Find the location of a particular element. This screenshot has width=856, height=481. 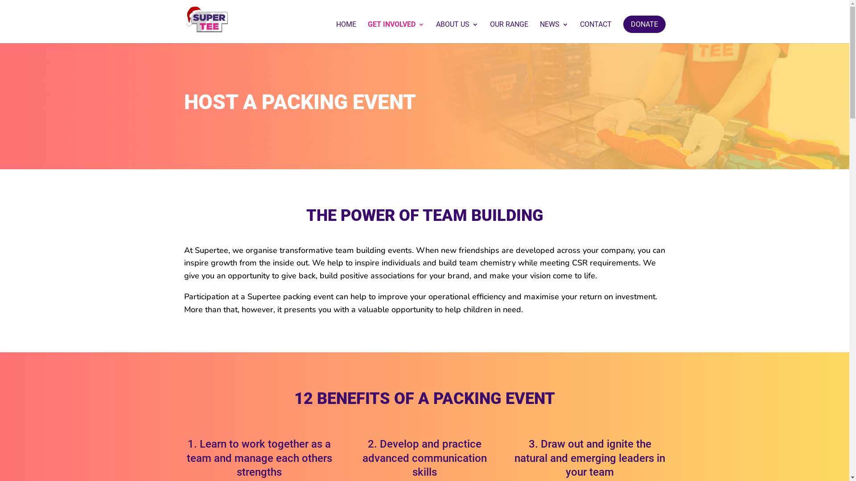

'HOME' is located at coordinates (346, 32).